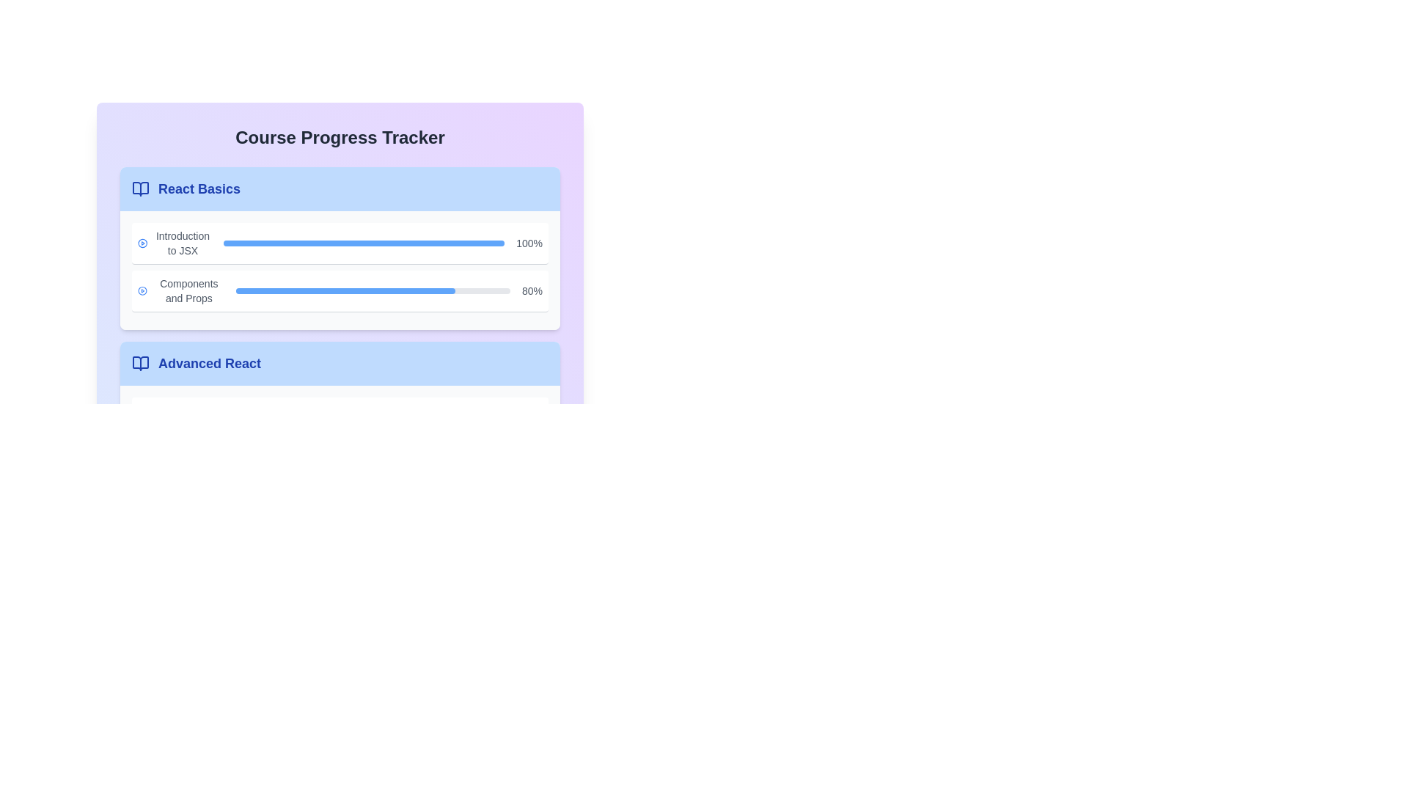 The image size is (1408, 792). What do you see at coordinates (141, 188) in the screenshot?
I see `the blue-themed open book icon located at the left side of the 'React Basics' section heading` at bounding box center [141, 188].